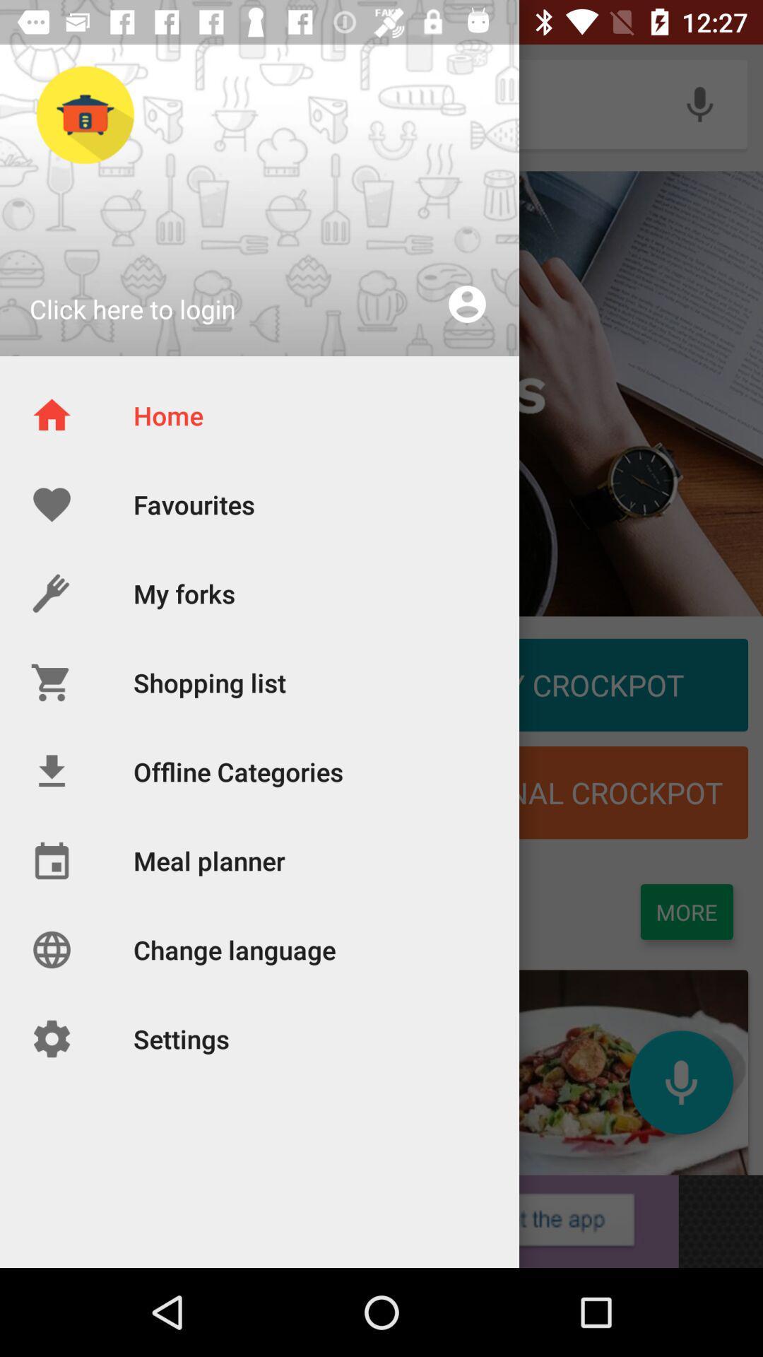  I want to click on the microphone icon, so click(699, 103).